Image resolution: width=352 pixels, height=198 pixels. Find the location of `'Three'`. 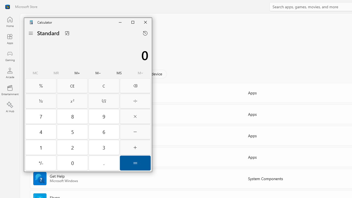

'Three' is located at coordinates (104, 147).